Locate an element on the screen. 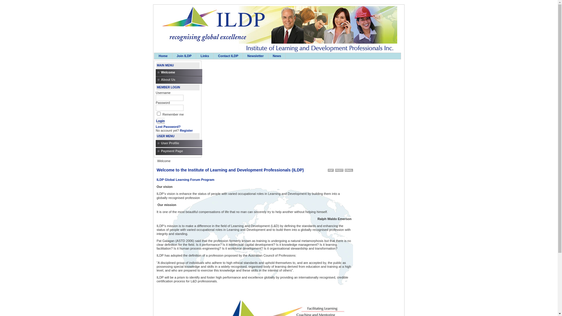 This screenshot has width=562, height=316. 'User Profile' is located at coordinates (180, 143).